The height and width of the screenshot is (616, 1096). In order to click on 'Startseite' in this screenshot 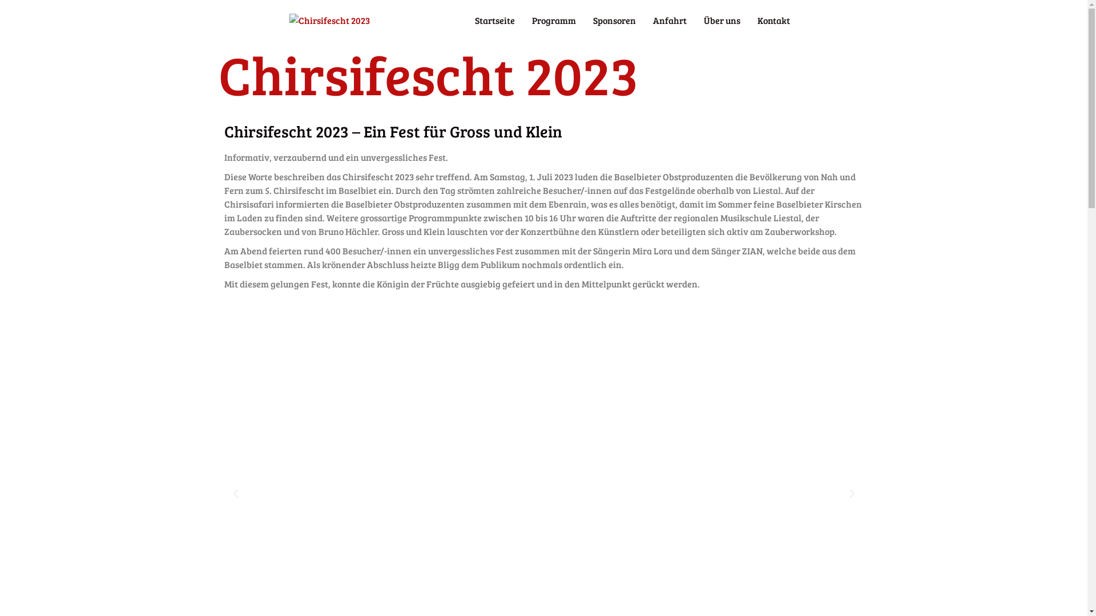, I will do `click(494, 20)`.